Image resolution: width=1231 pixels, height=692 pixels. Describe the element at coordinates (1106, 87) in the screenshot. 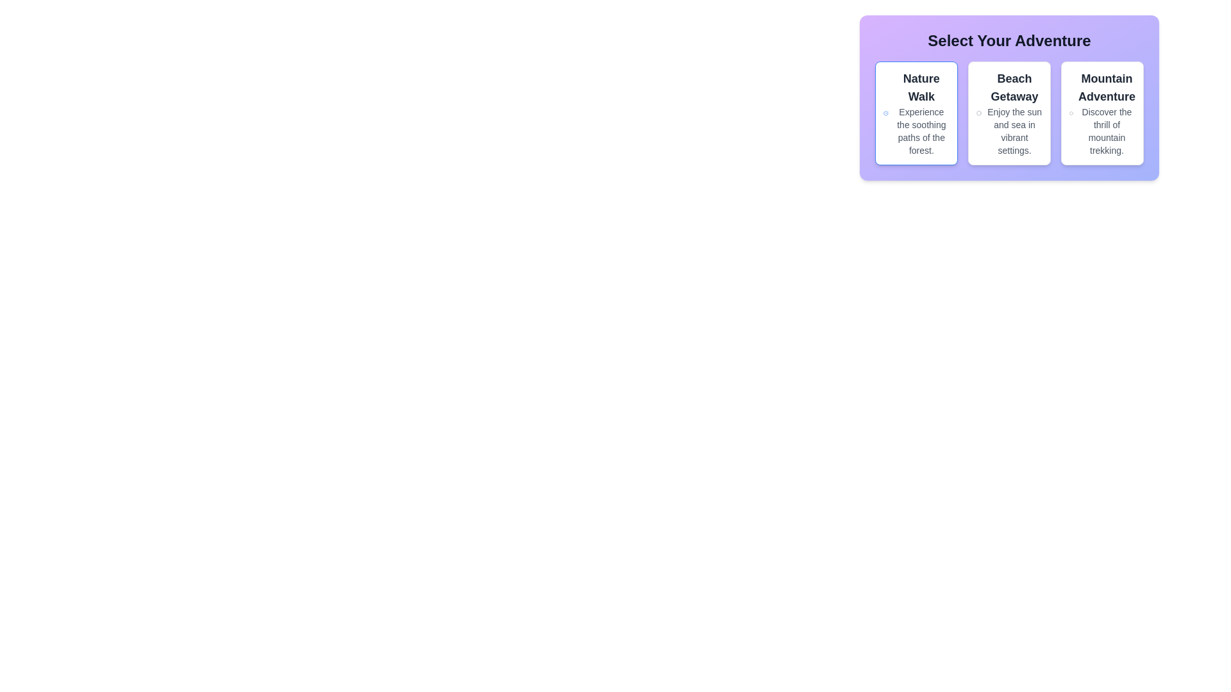

I see `the title text 'Mountain Adventure', which is styled in bold and larger size, located at the top of the third card in the 'Select Your Adventure' section` at that location.